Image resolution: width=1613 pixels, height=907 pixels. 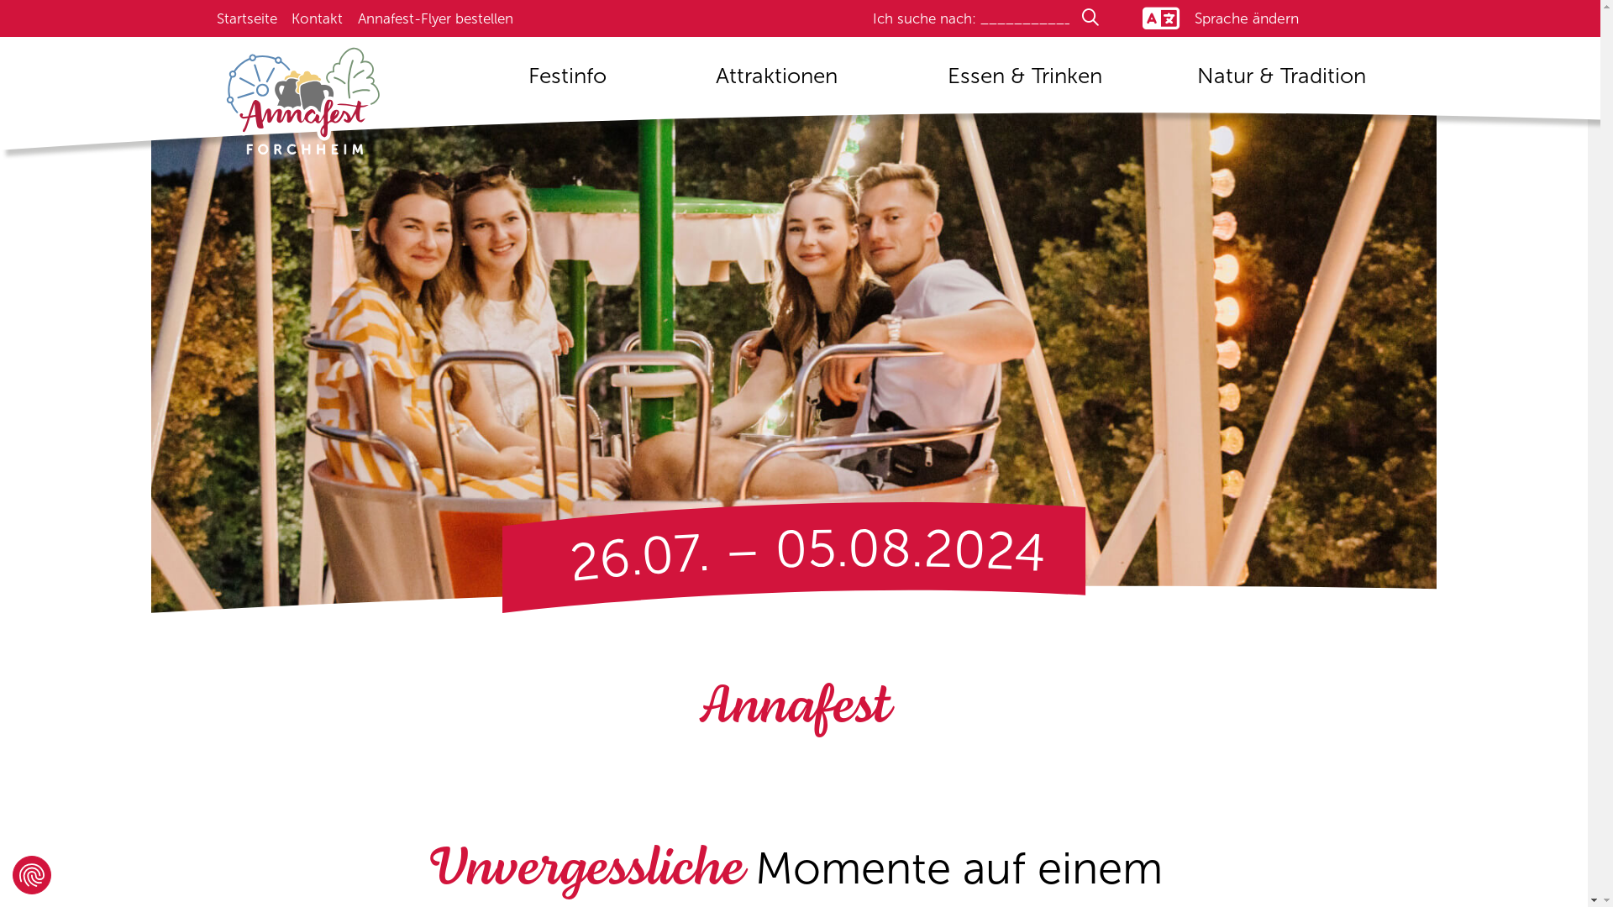 What do you see at coordinates (216, 18) in the screenshot?
I see `'Startseite'` at bounding box center [216, 18].